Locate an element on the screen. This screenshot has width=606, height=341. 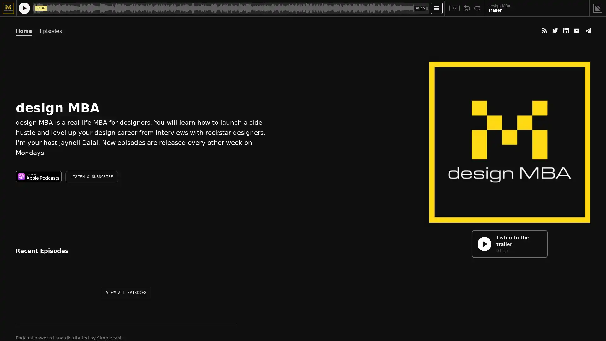
Play is located at coordinates (484, 243).